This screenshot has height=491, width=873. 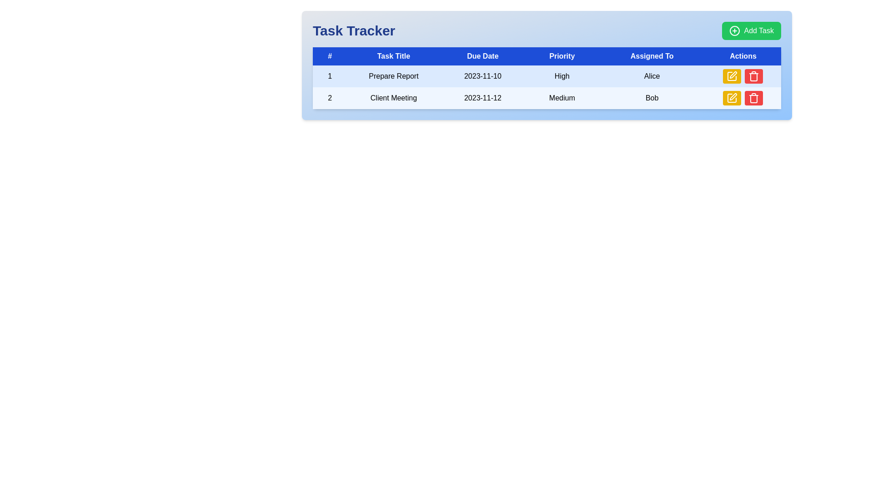 I want to click on the edit icon button located in the 'Actions' column of the table for the task titled 'Prepare Report', so click(x=732, y=76).